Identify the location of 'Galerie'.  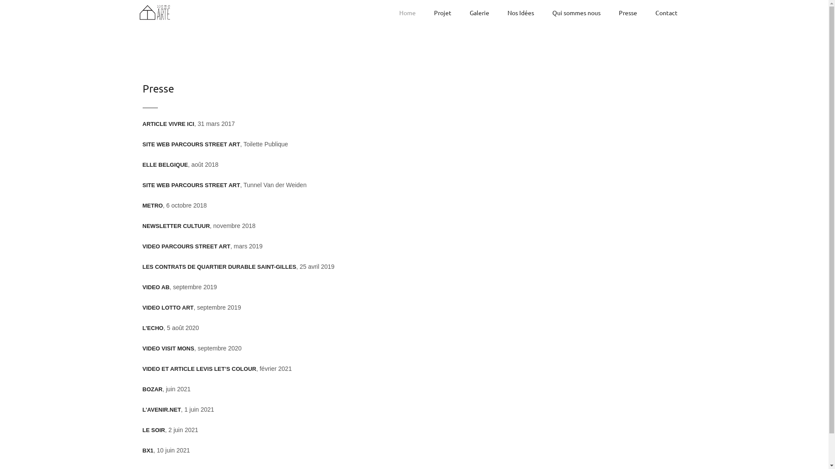
(479, 13).